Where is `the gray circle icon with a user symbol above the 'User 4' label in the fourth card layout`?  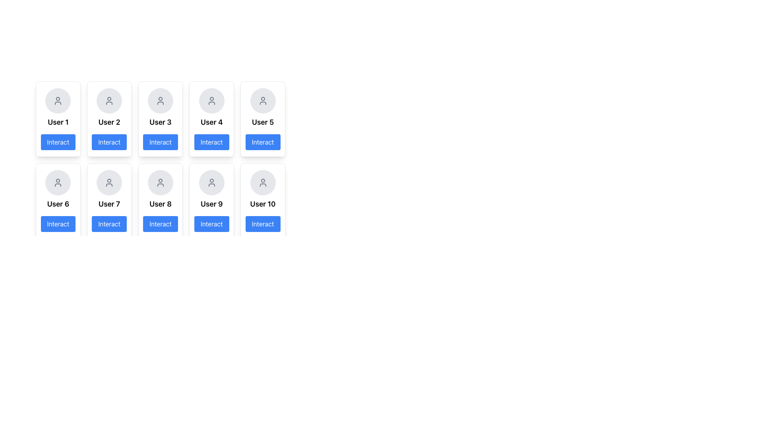
the gray circle icon with a user symbol above the 'User 4' label in the fourth card layout is located at coordinates (211, 100).